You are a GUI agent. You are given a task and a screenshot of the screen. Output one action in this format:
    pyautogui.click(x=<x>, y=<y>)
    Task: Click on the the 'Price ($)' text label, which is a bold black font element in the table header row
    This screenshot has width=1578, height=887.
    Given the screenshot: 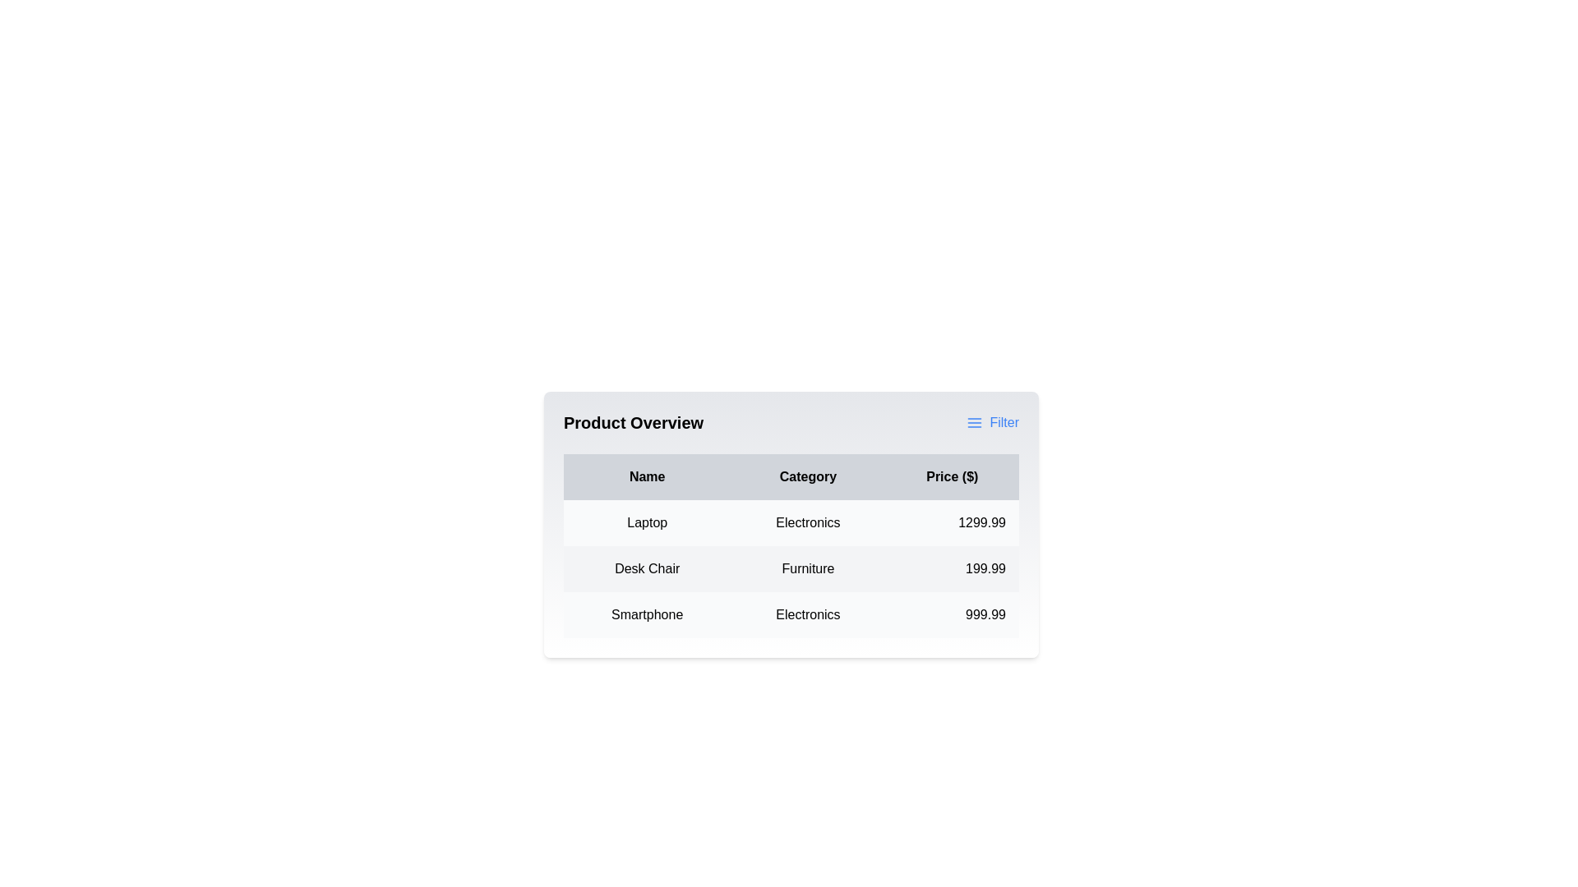 What is the action you would take?
    pyautogui.click(x=952, y=477)
    